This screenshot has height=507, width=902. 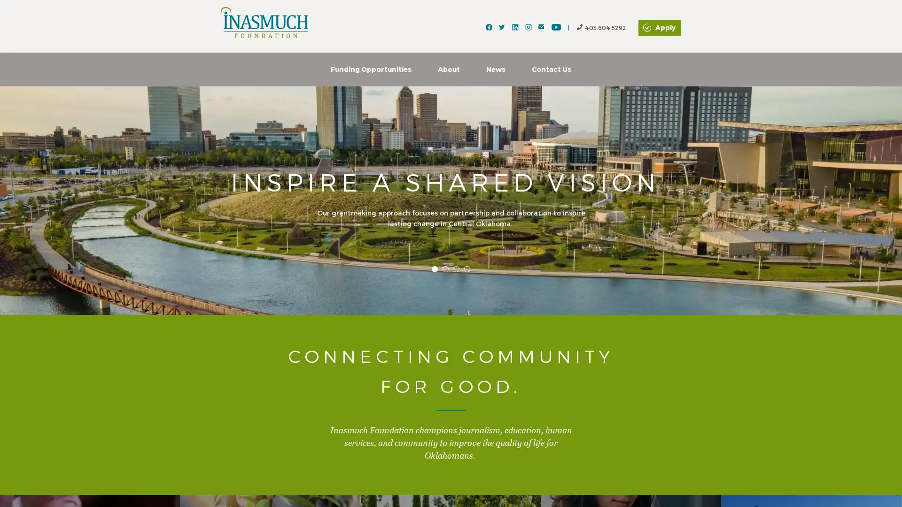 What do you see at coordinates (467, 269) in the screenshot?
I see `4` at bounding box center [467, 269].